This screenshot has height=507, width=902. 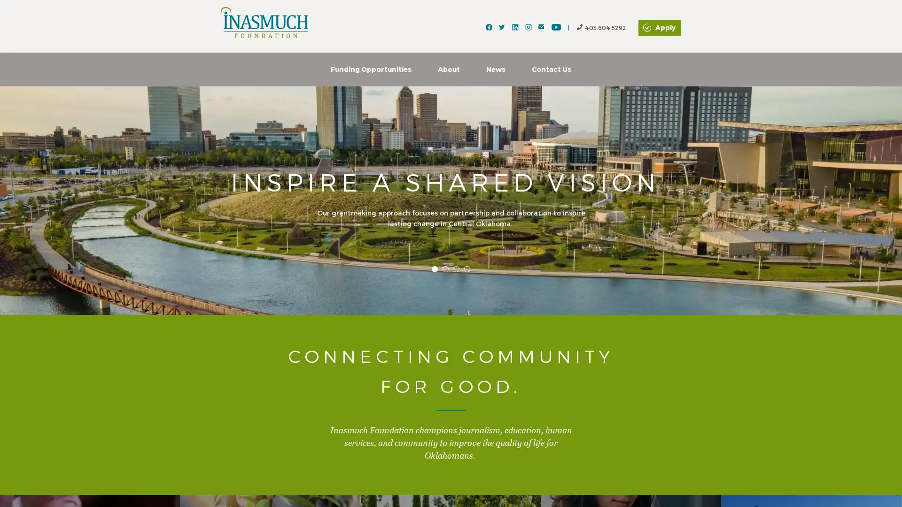 What do you see at coordinates (467, 269) in the screenshot?
I see `4` at bounding box center [467, 269].